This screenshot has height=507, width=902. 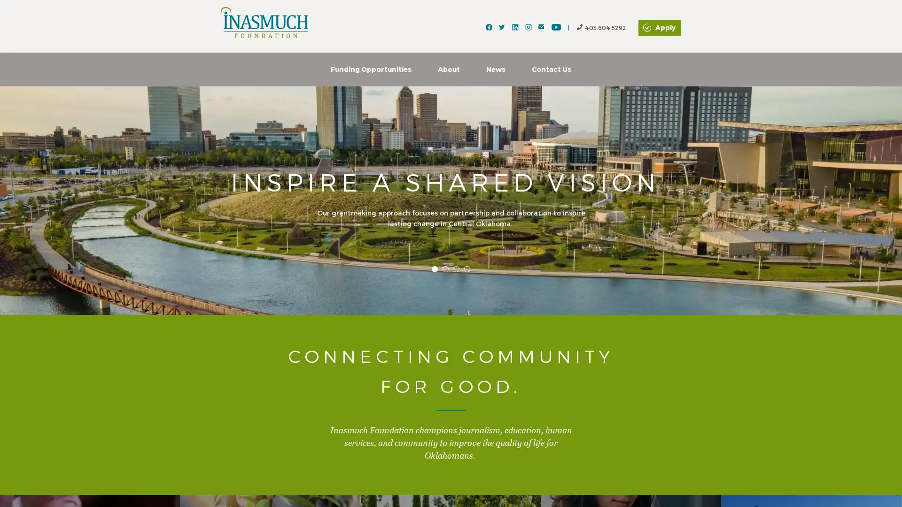 What do you see at coordinates (467, 269) in the screenshot?
I see `4` at bounding box center [467, 269].